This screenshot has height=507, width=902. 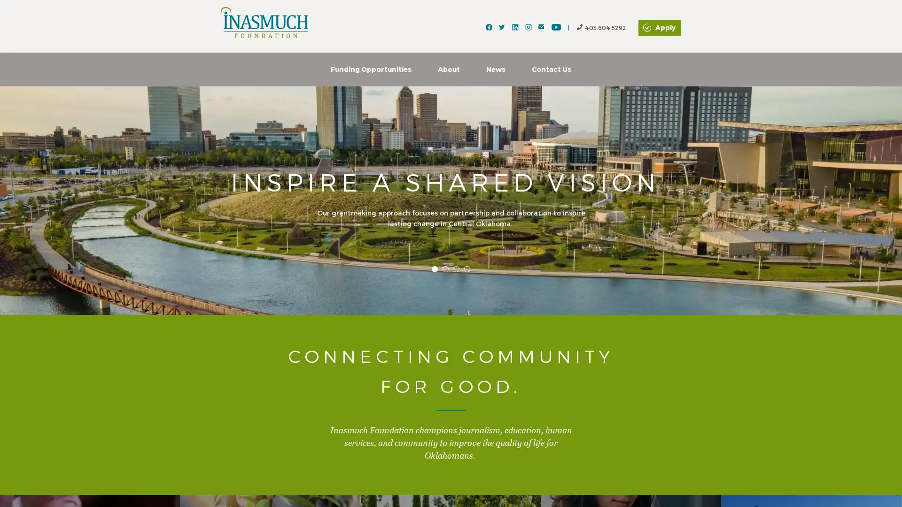 What do you see at coordinates (467, 269) in the screenshot?
I see `4` at bounding box center [467, 269].